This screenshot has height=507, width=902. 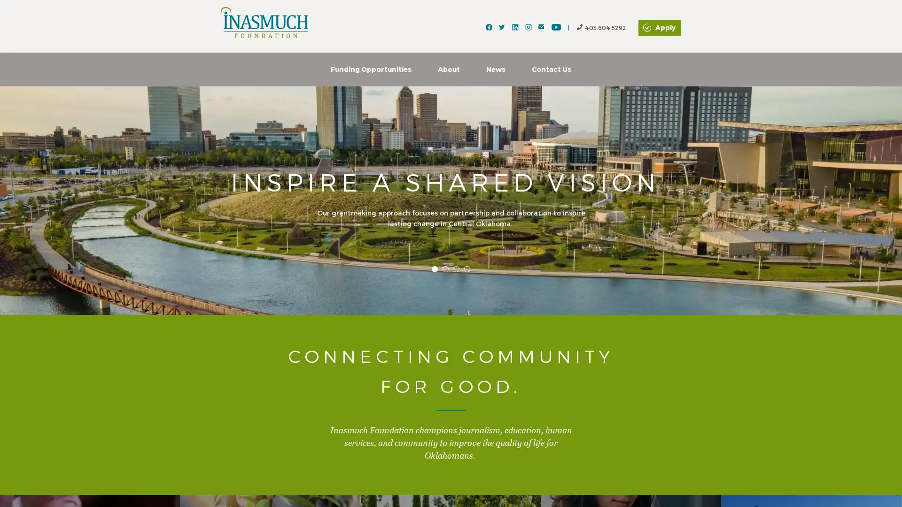 What do you see at coordinates (467, 269) in the screenshot?
I see `4` at bounding box center [467, 269].